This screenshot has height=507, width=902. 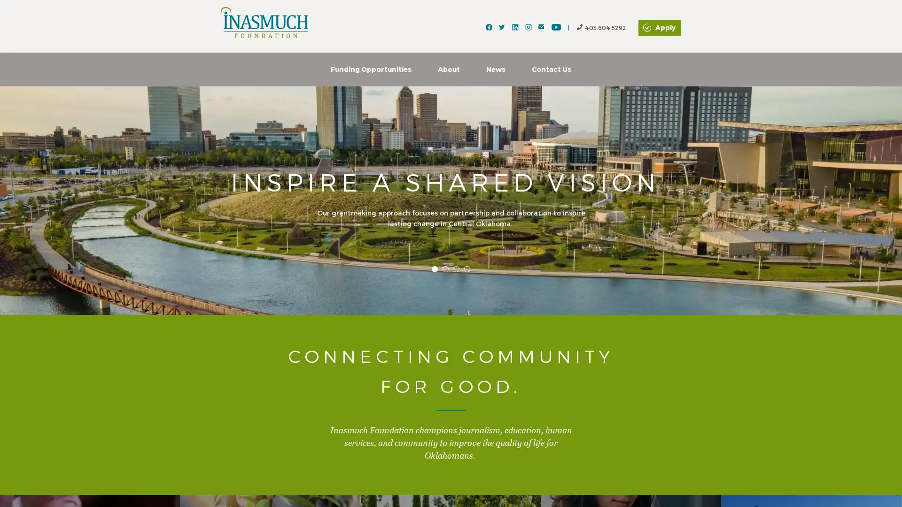 What do you see at coordinates (467, 269) in the screenshot?
I see `4` at bounding box center [467, 269].